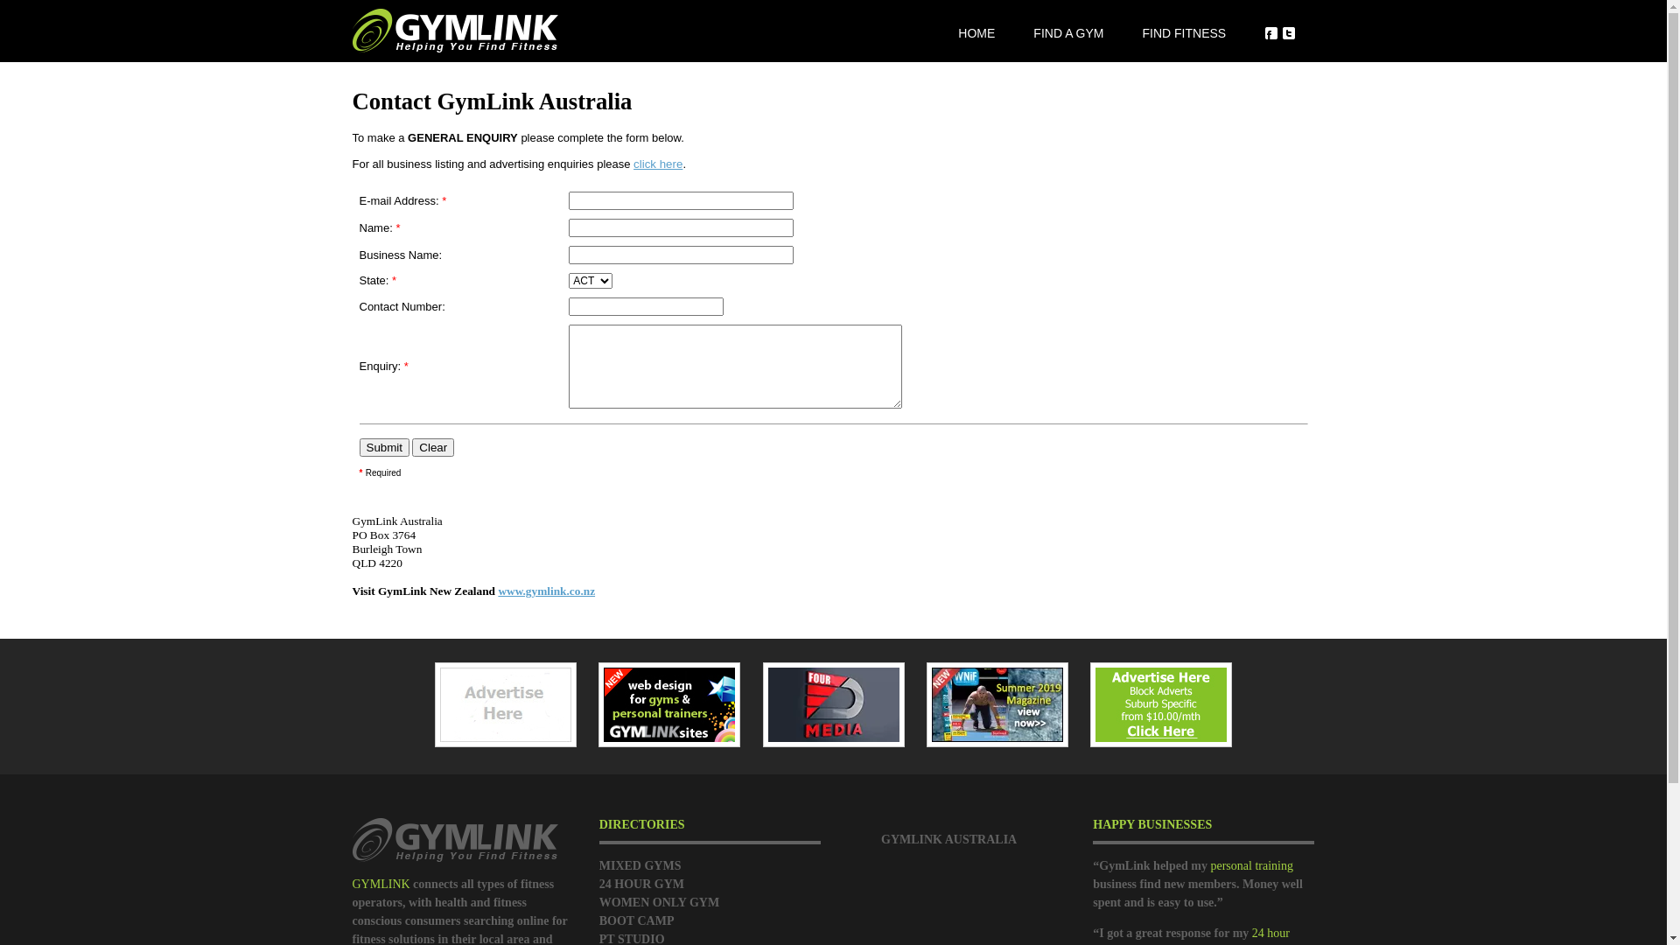 This screenshot has height=945, width=1680. I want to click on 'GYMLINK AUSTRALIA', so click(948, 838).